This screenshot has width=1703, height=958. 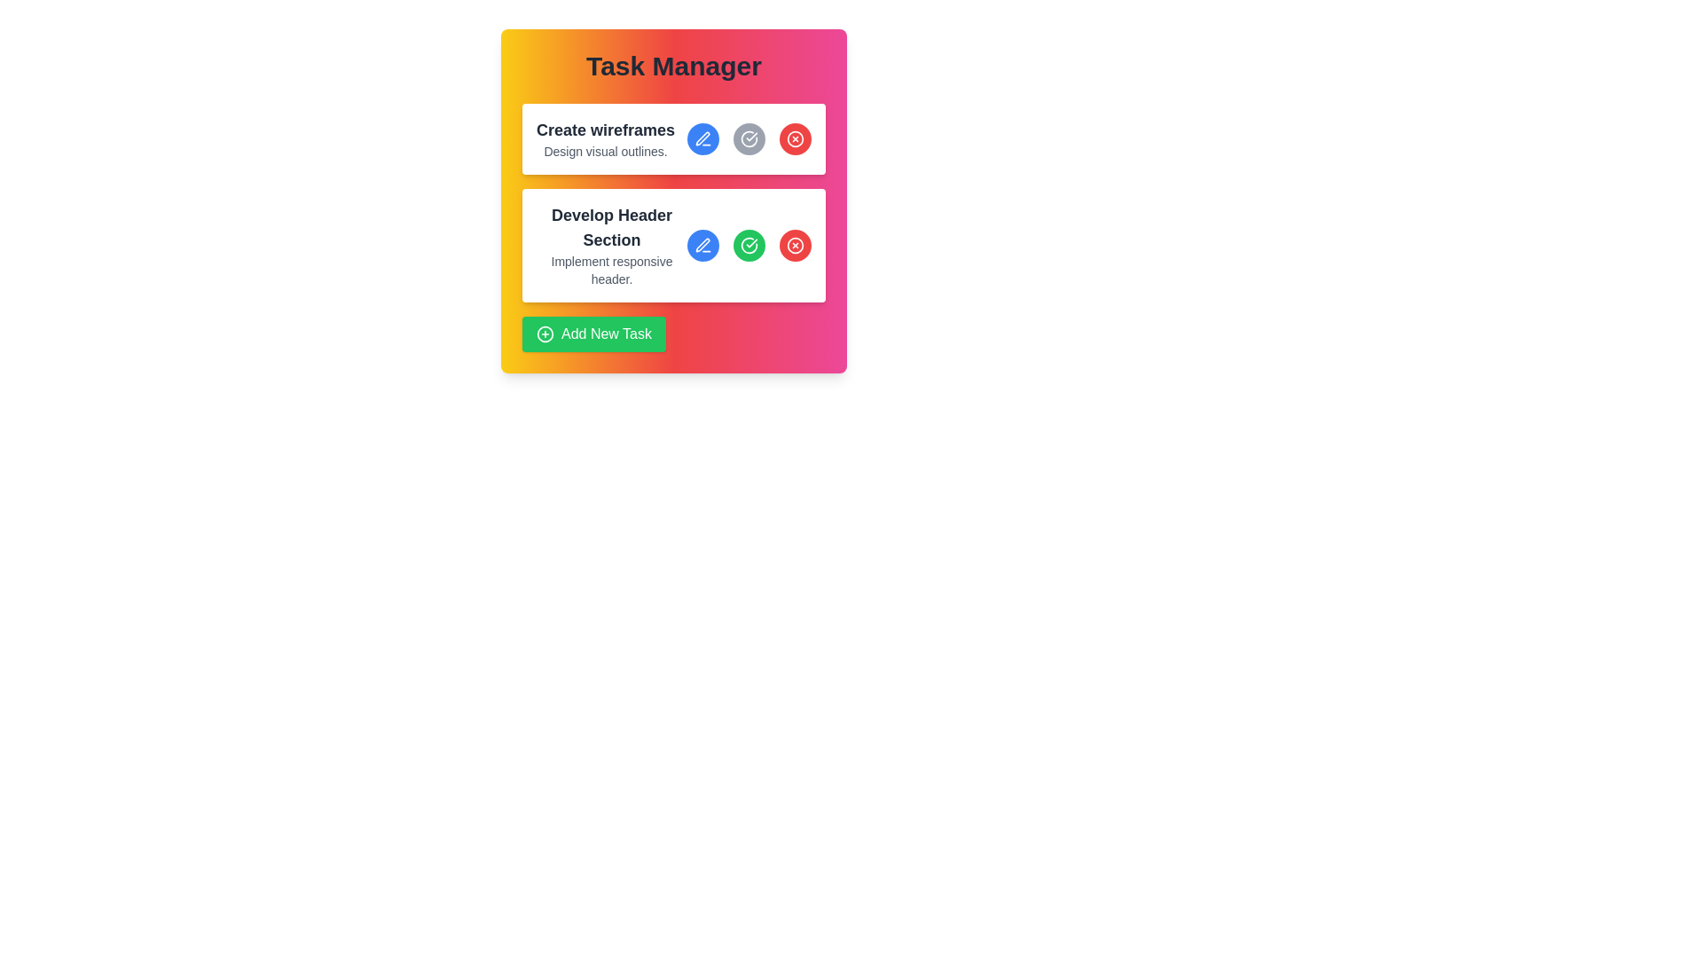 What do you see at coordinates (702, 137) in the screenshot?
I see `the edit icon located in the top-right corner of the 'Create wireframes' task card, which allows users to modify task details` at bounding box center [702, 137].